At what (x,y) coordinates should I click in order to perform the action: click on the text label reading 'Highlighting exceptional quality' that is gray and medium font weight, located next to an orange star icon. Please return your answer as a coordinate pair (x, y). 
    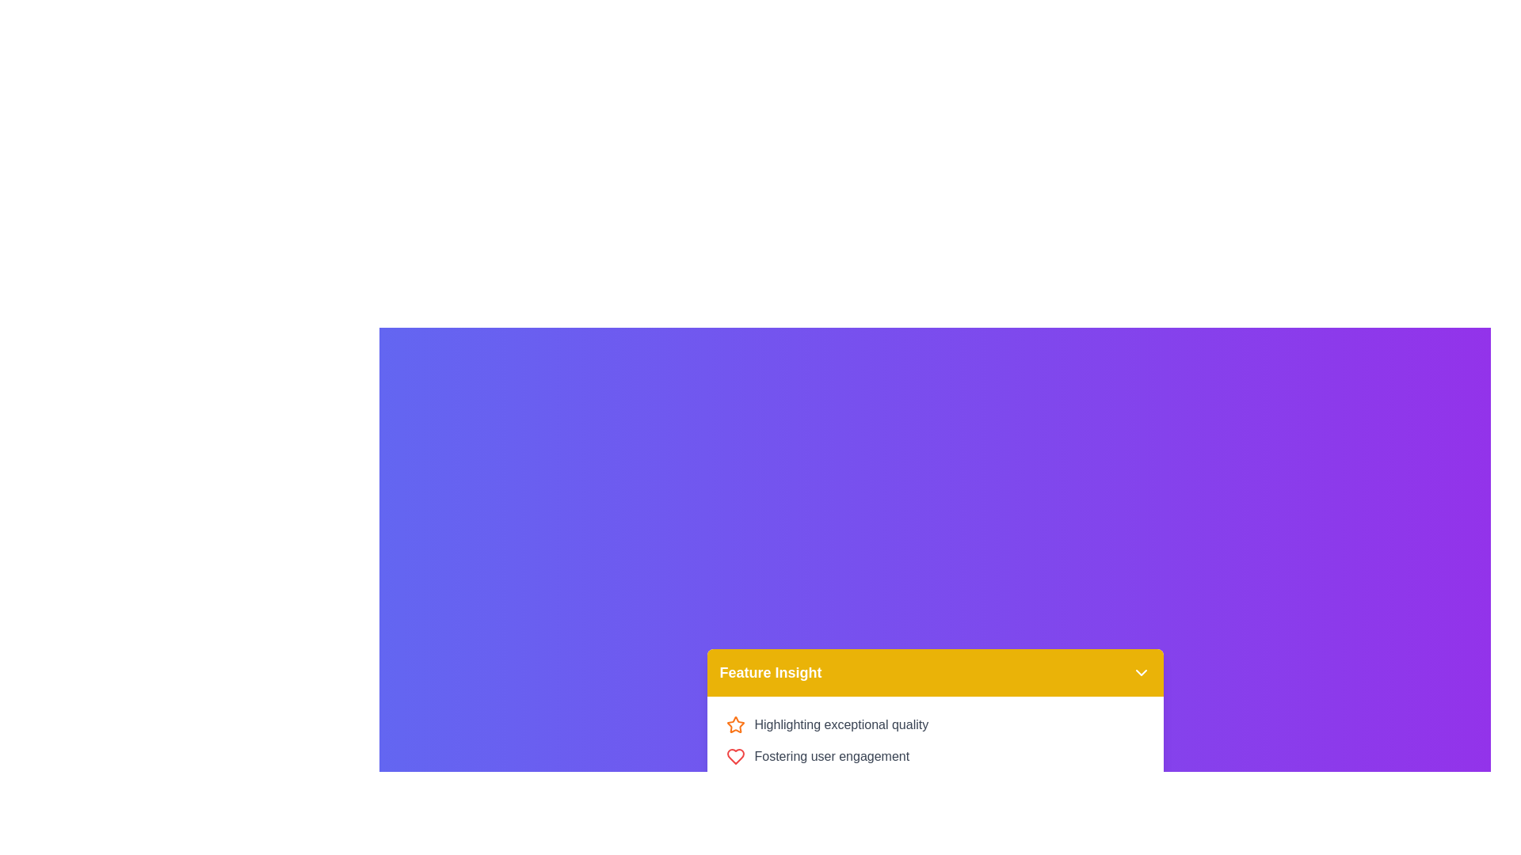
    Looking at the image, I should click on (841, 724).